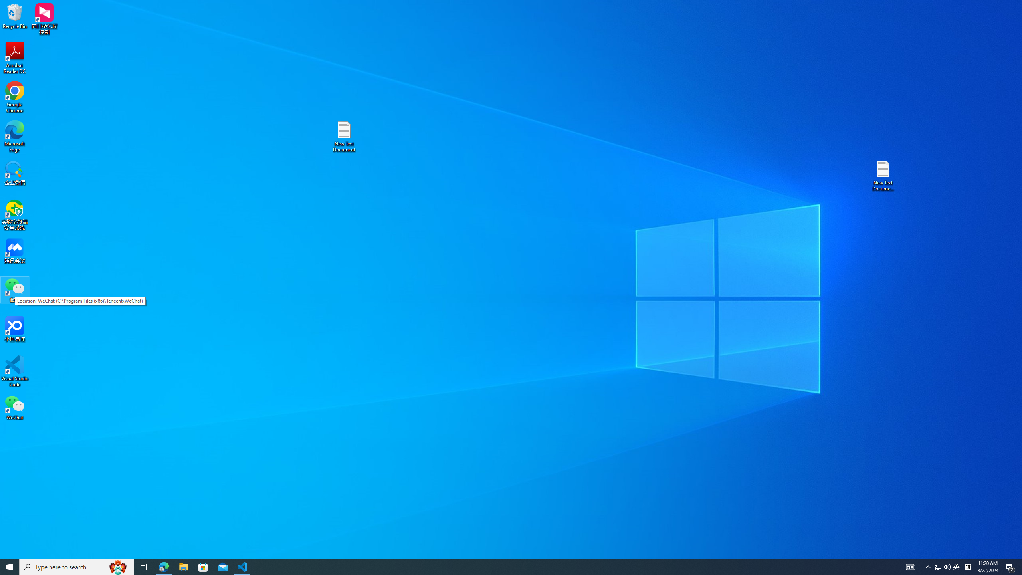  What do you see at coordinates (14, 136) in the screenshot?
I see `'Microsoft Edge'` at bounding box center [14, 136].